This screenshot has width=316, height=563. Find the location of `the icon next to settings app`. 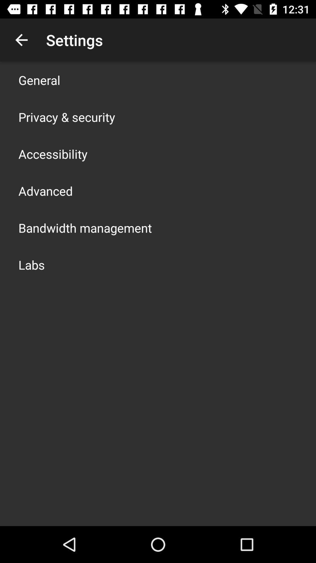

the icon next to settings app is located at coordinates (21, 40).